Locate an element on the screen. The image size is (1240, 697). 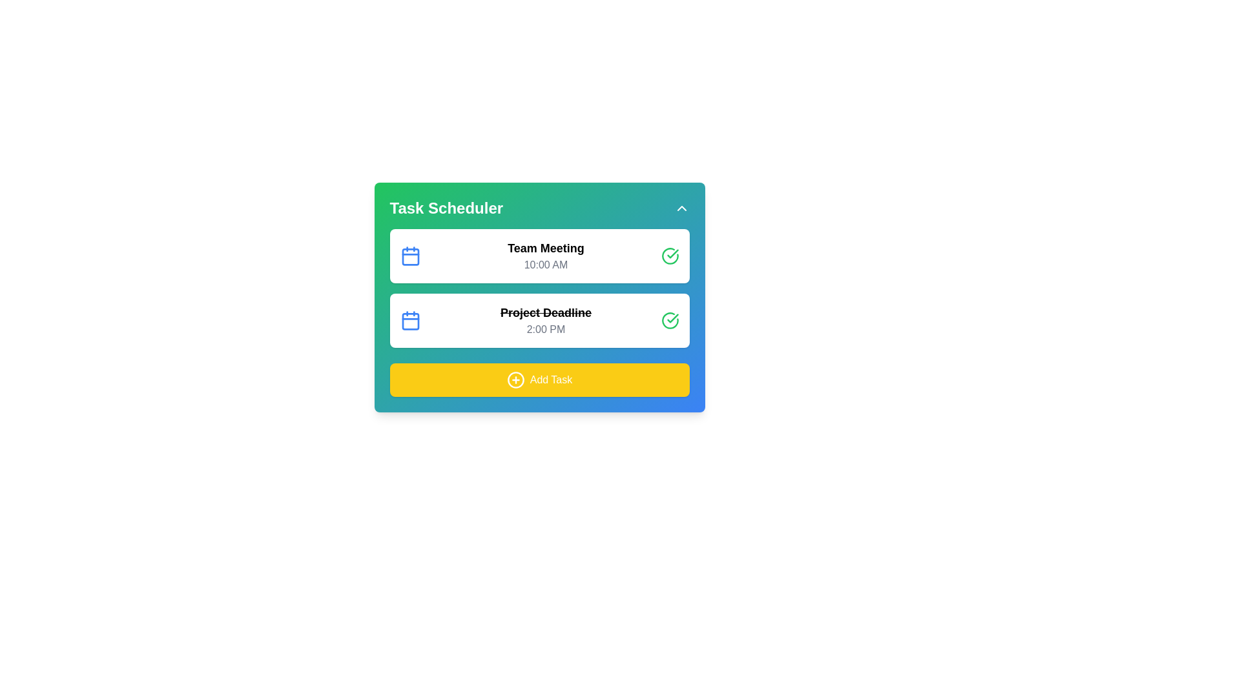
the button in the top-right corner of the 'Task Scheduler' pane is located at coordinates (681, 208).